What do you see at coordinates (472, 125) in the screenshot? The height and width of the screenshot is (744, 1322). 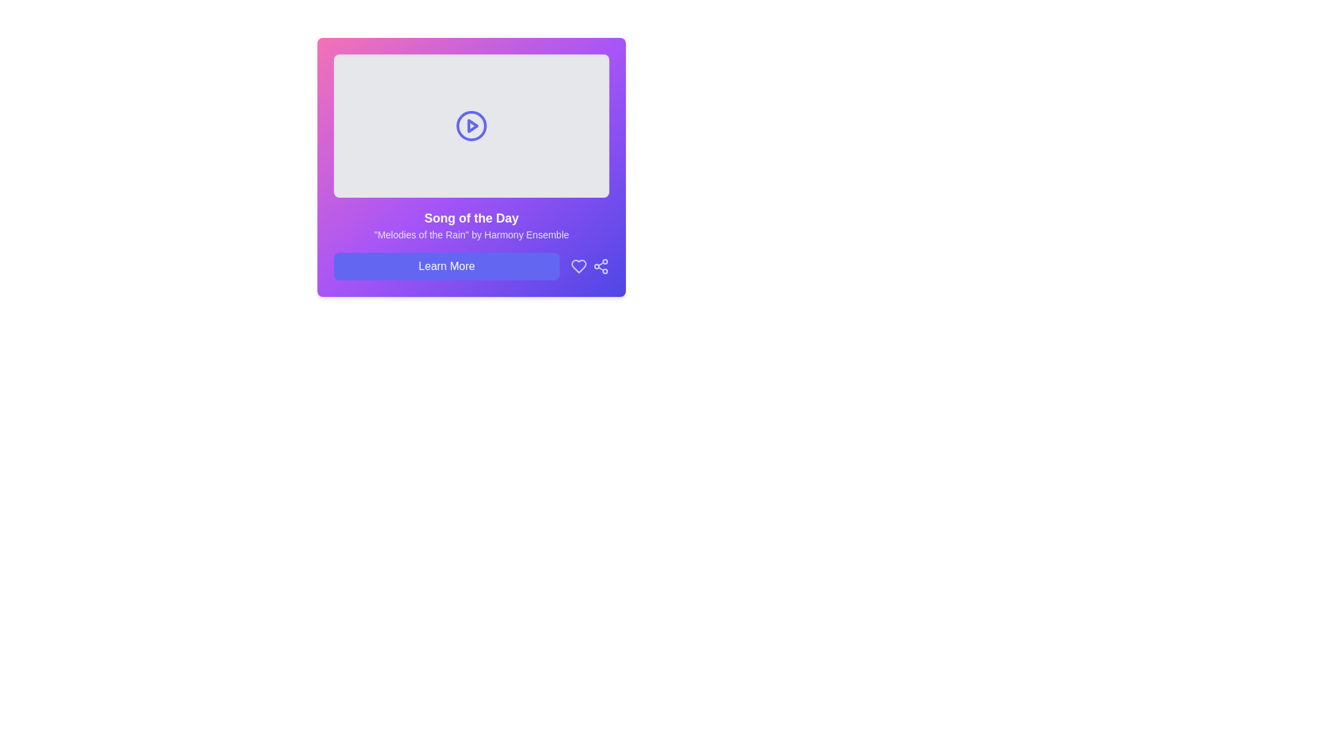 I see `the play icon button located at the upper part of the 'Song of the Day' card to initiate media playback` at bounding box center [472, 125].